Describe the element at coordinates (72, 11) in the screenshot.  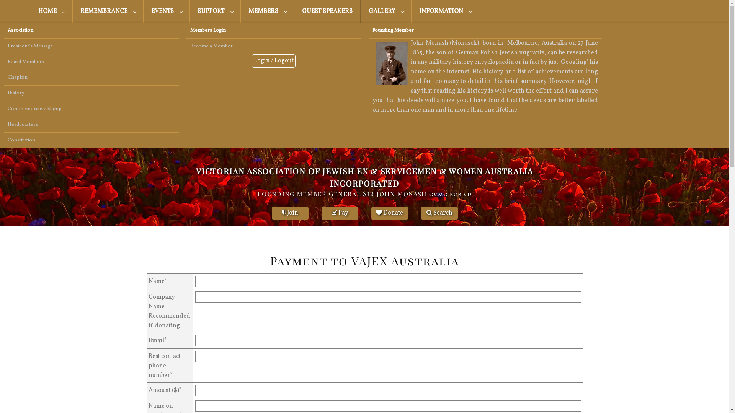
I see `'REMEMBRANCE'` at that location.